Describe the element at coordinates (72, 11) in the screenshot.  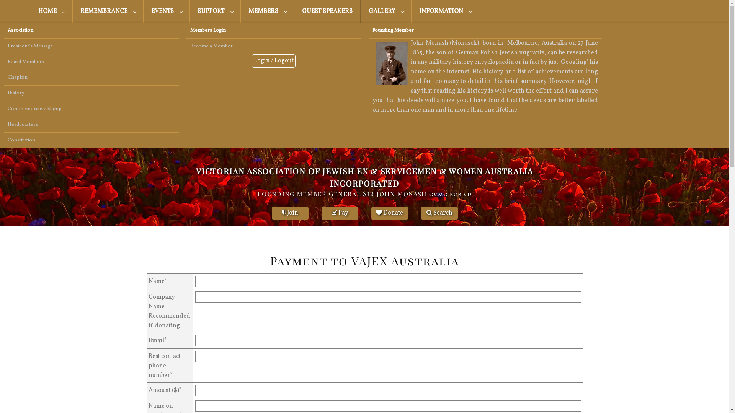
I see `'REMEMBRANCE'` at that location.